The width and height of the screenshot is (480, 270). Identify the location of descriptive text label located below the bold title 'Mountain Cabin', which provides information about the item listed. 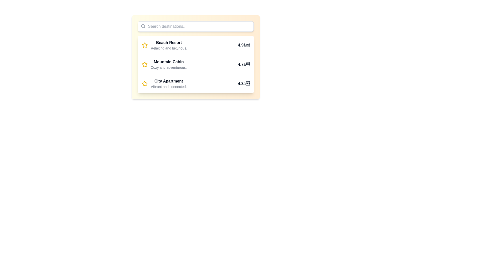
(169, 67).